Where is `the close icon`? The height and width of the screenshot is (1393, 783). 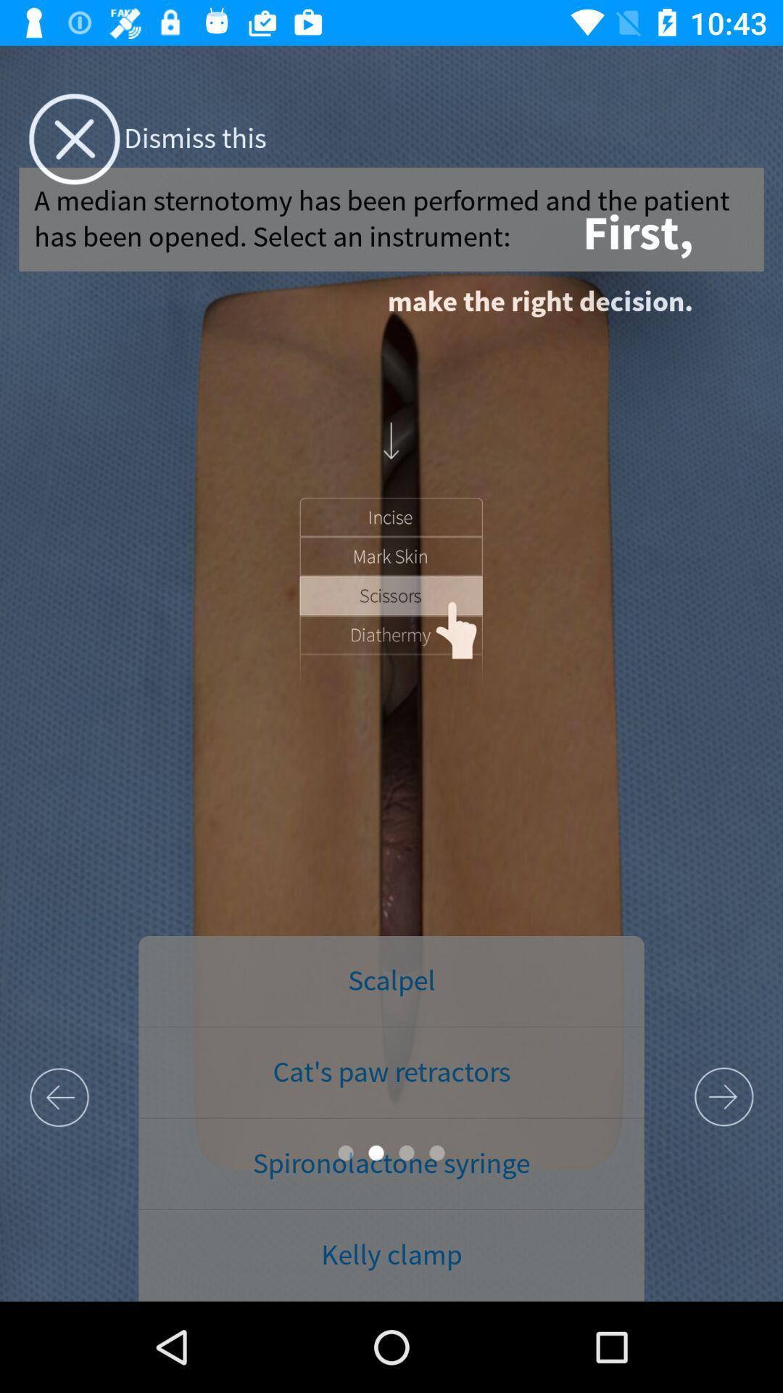
the close icon is located at coordinates (74, 139).